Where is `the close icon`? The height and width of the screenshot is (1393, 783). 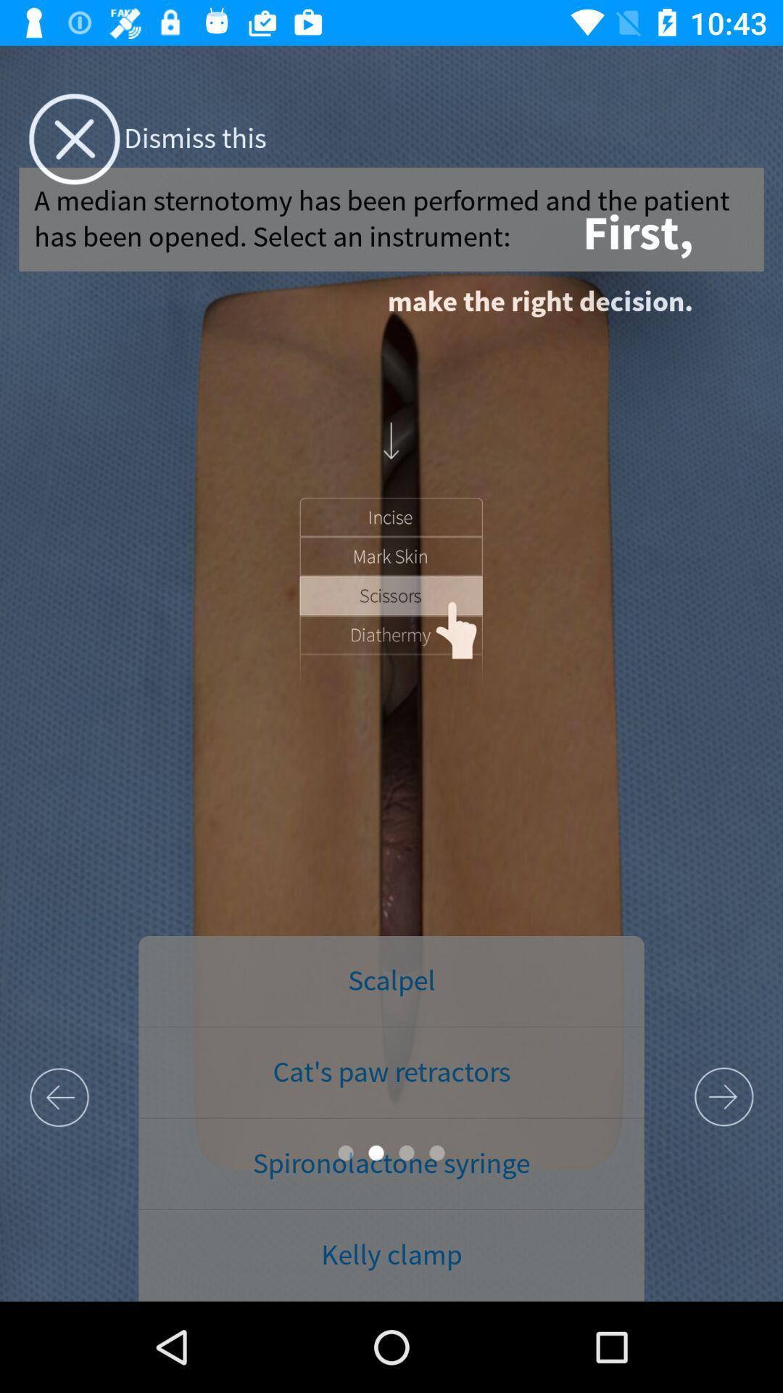
the close icon is located at coordinates (74, 139).